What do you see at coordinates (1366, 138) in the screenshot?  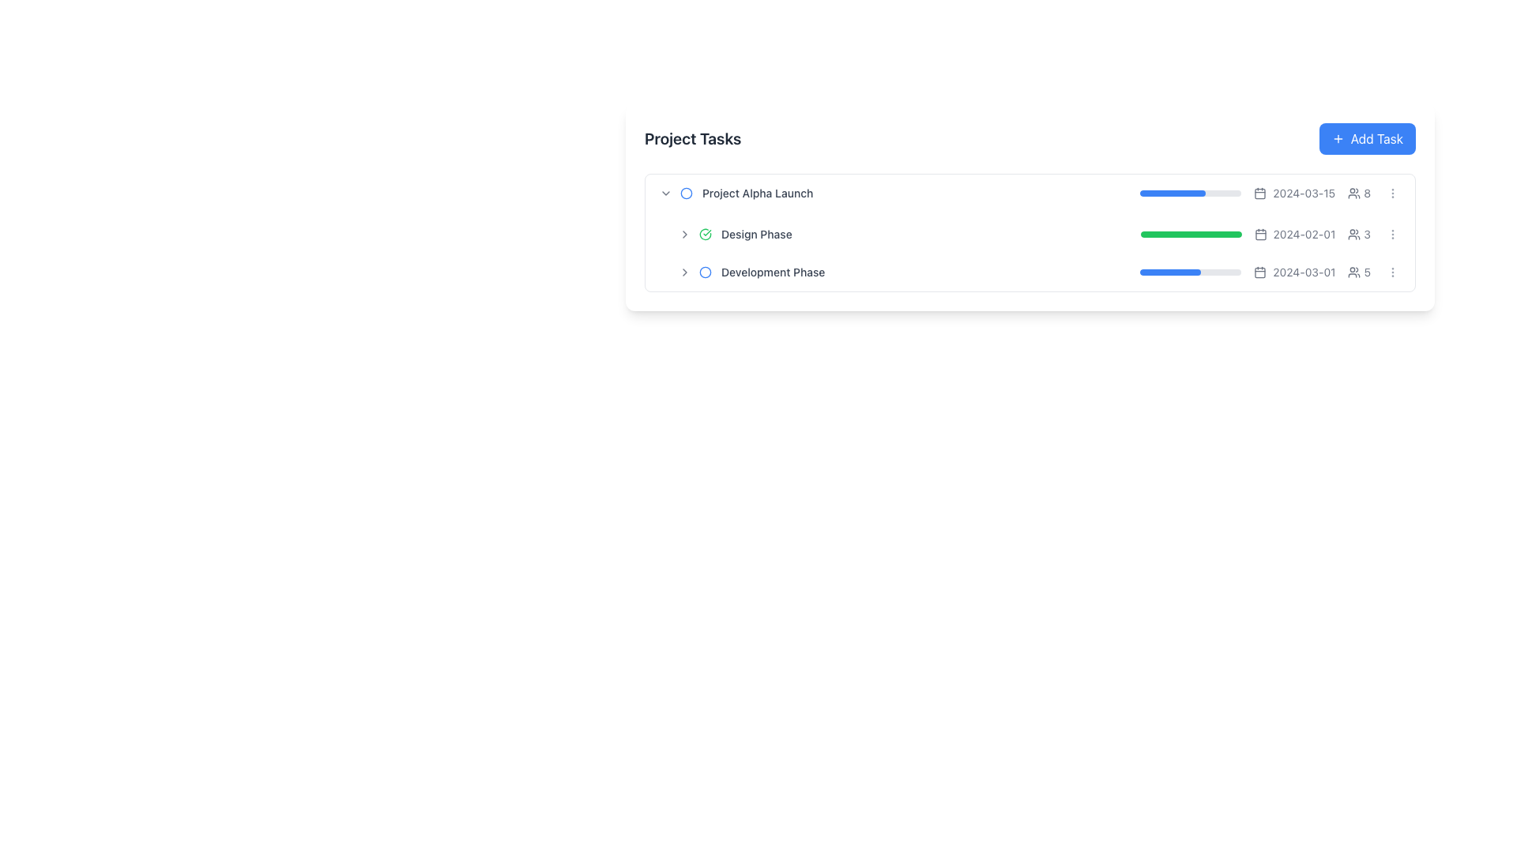 I see `the 'Add Task' button with a blue background and rounded corners, located at the top-right corner of the 'Project Tasks' header` at bounding box center [1366, 138].